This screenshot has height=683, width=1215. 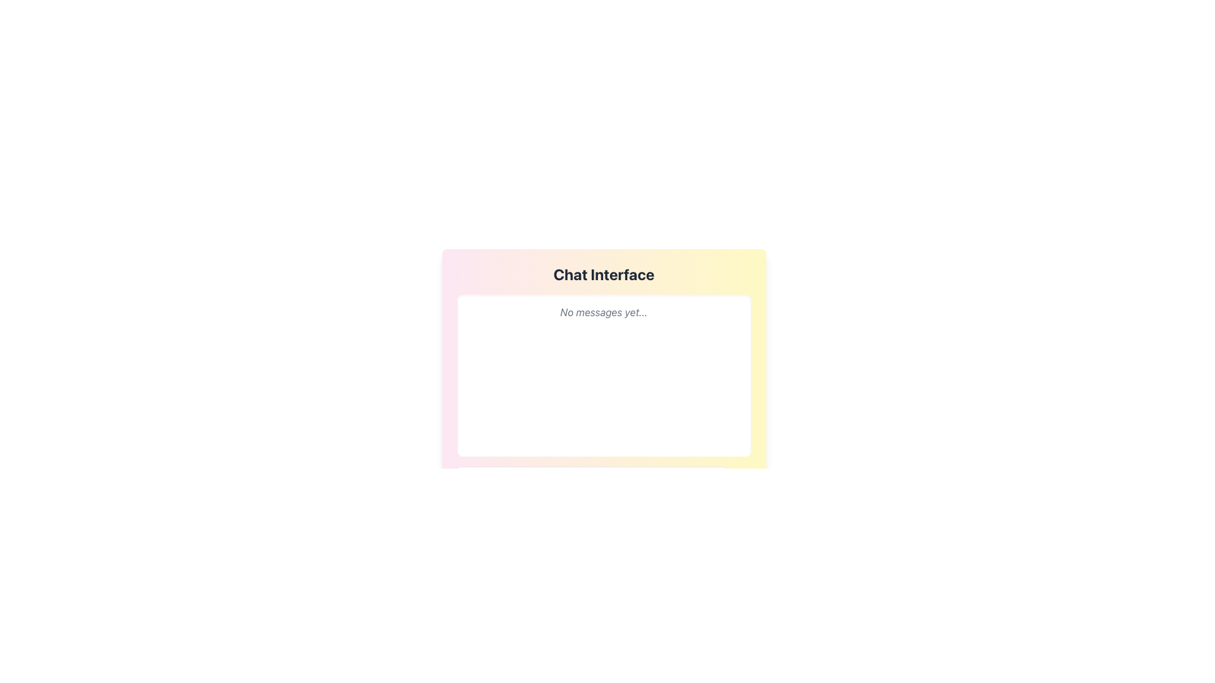 What do you see at coordinates (603, 312) in the screenshot?
I see `the informational text element displaying 'No messages yet...' in gray italic font, located near the top of the white message panel in the chat interface` at bounding box center [603, 312].